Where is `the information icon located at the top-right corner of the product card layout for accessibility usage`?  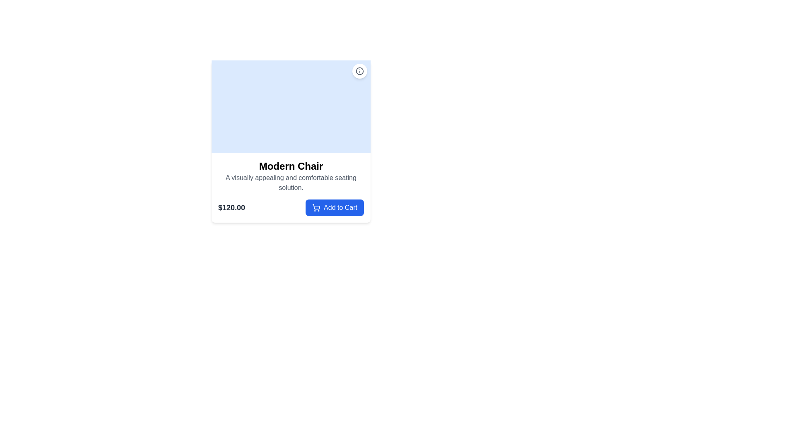 the information icon located at the top-right corner of the product card layout for accessibility usage is located at coordinates (359, 71).